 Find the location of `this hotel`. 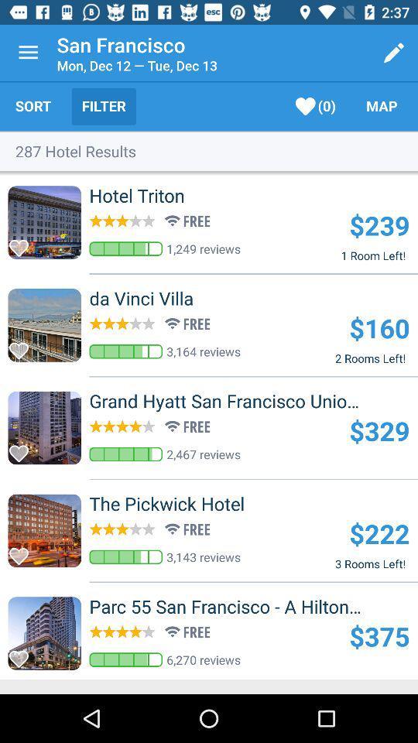

this hotel is located at coordinates (22, 244).